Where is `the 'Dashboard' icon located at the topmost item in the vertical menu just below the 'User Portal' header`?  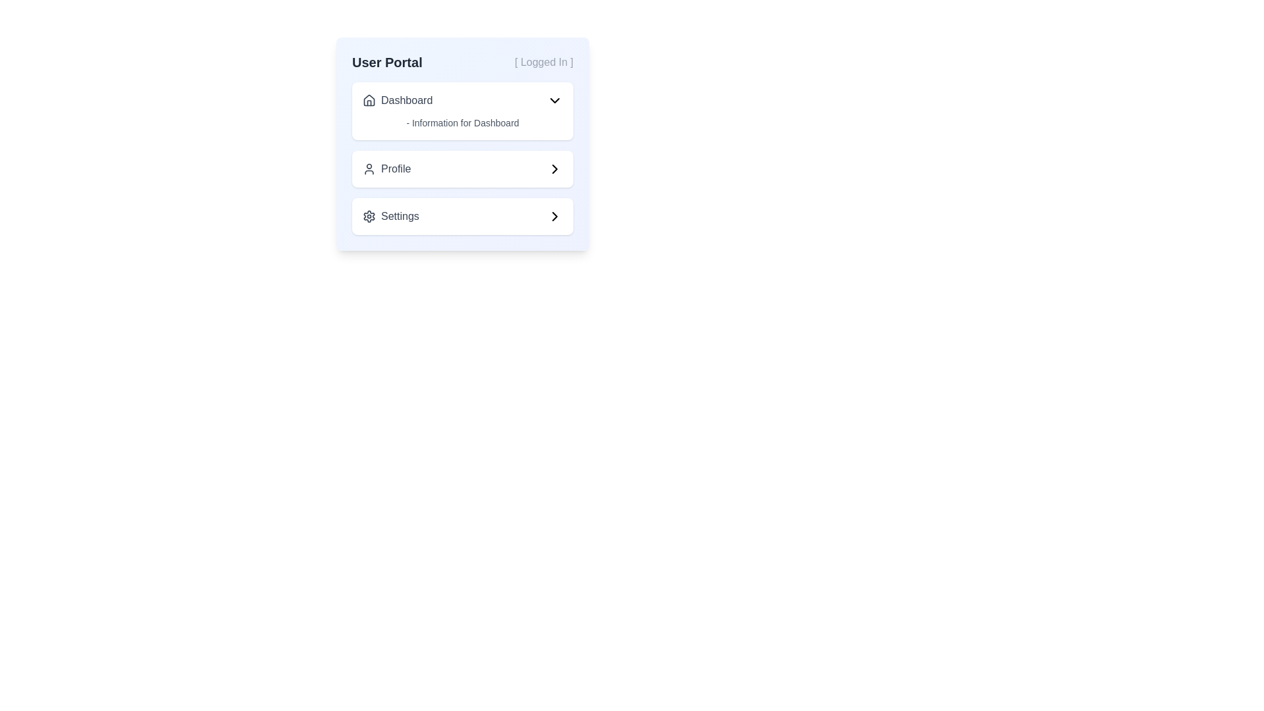
the 'Dashboard' icon located at the topmost item in the vertical menu just below the 'User Portal' header is located at coordinates (369, 100).